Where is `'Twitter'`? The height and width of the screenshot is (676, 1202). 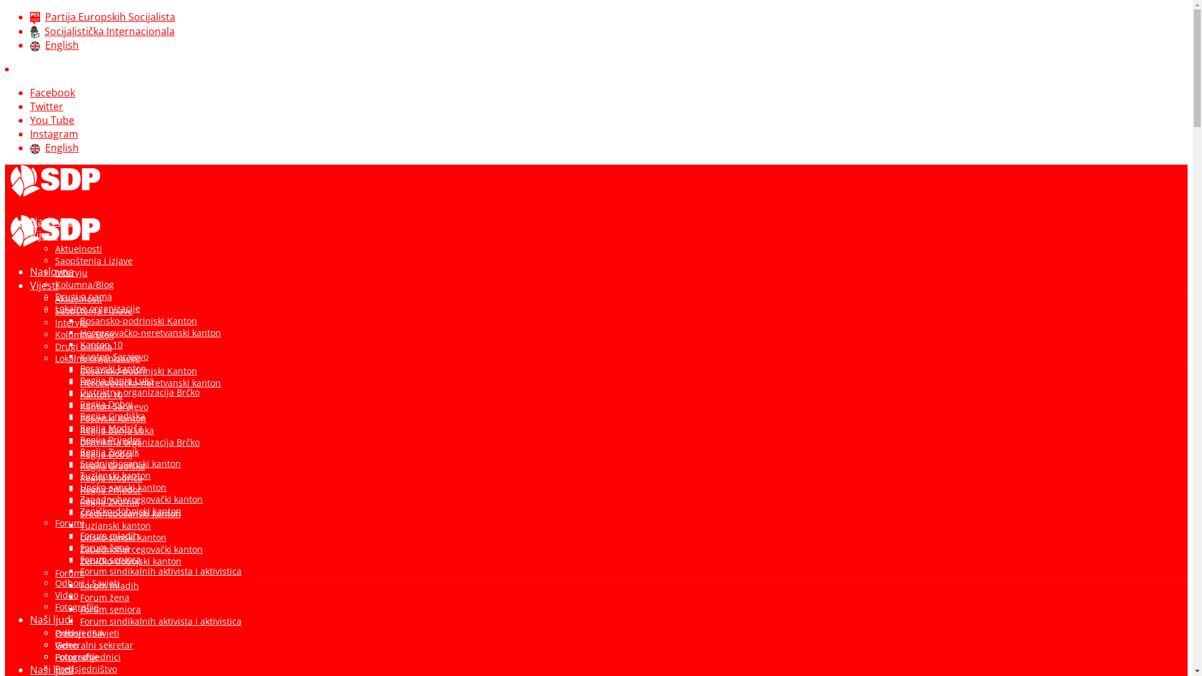
'Twitter' is located at coordinates (46, 105).